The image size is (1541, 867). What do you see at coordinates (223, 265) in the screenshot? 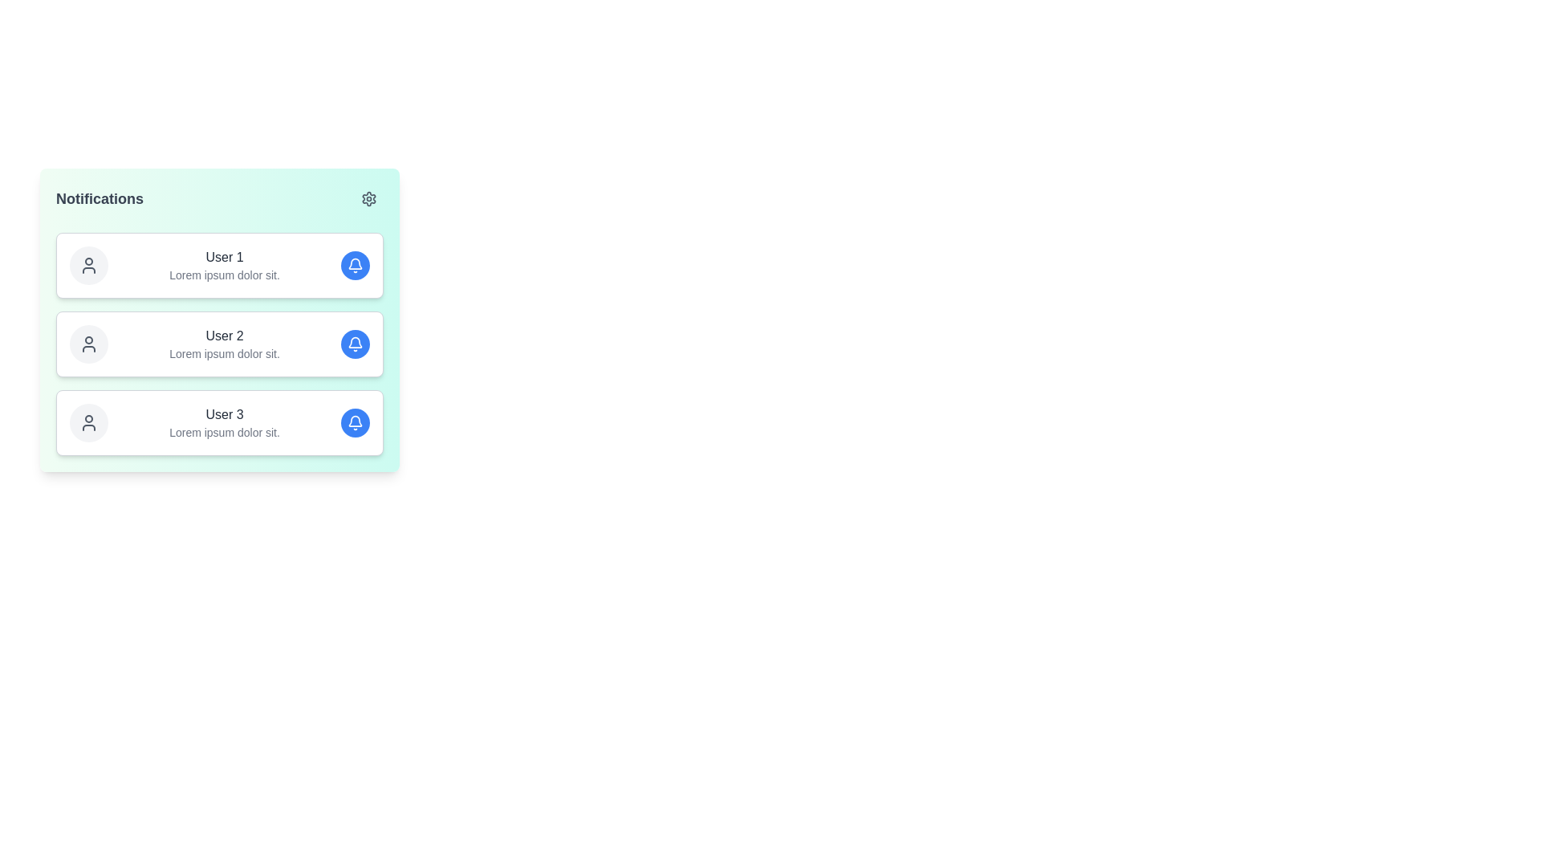
I see `text content displayed in the topmost notification card, which includes the user name and a brief description` at bounding box center [223, 265].